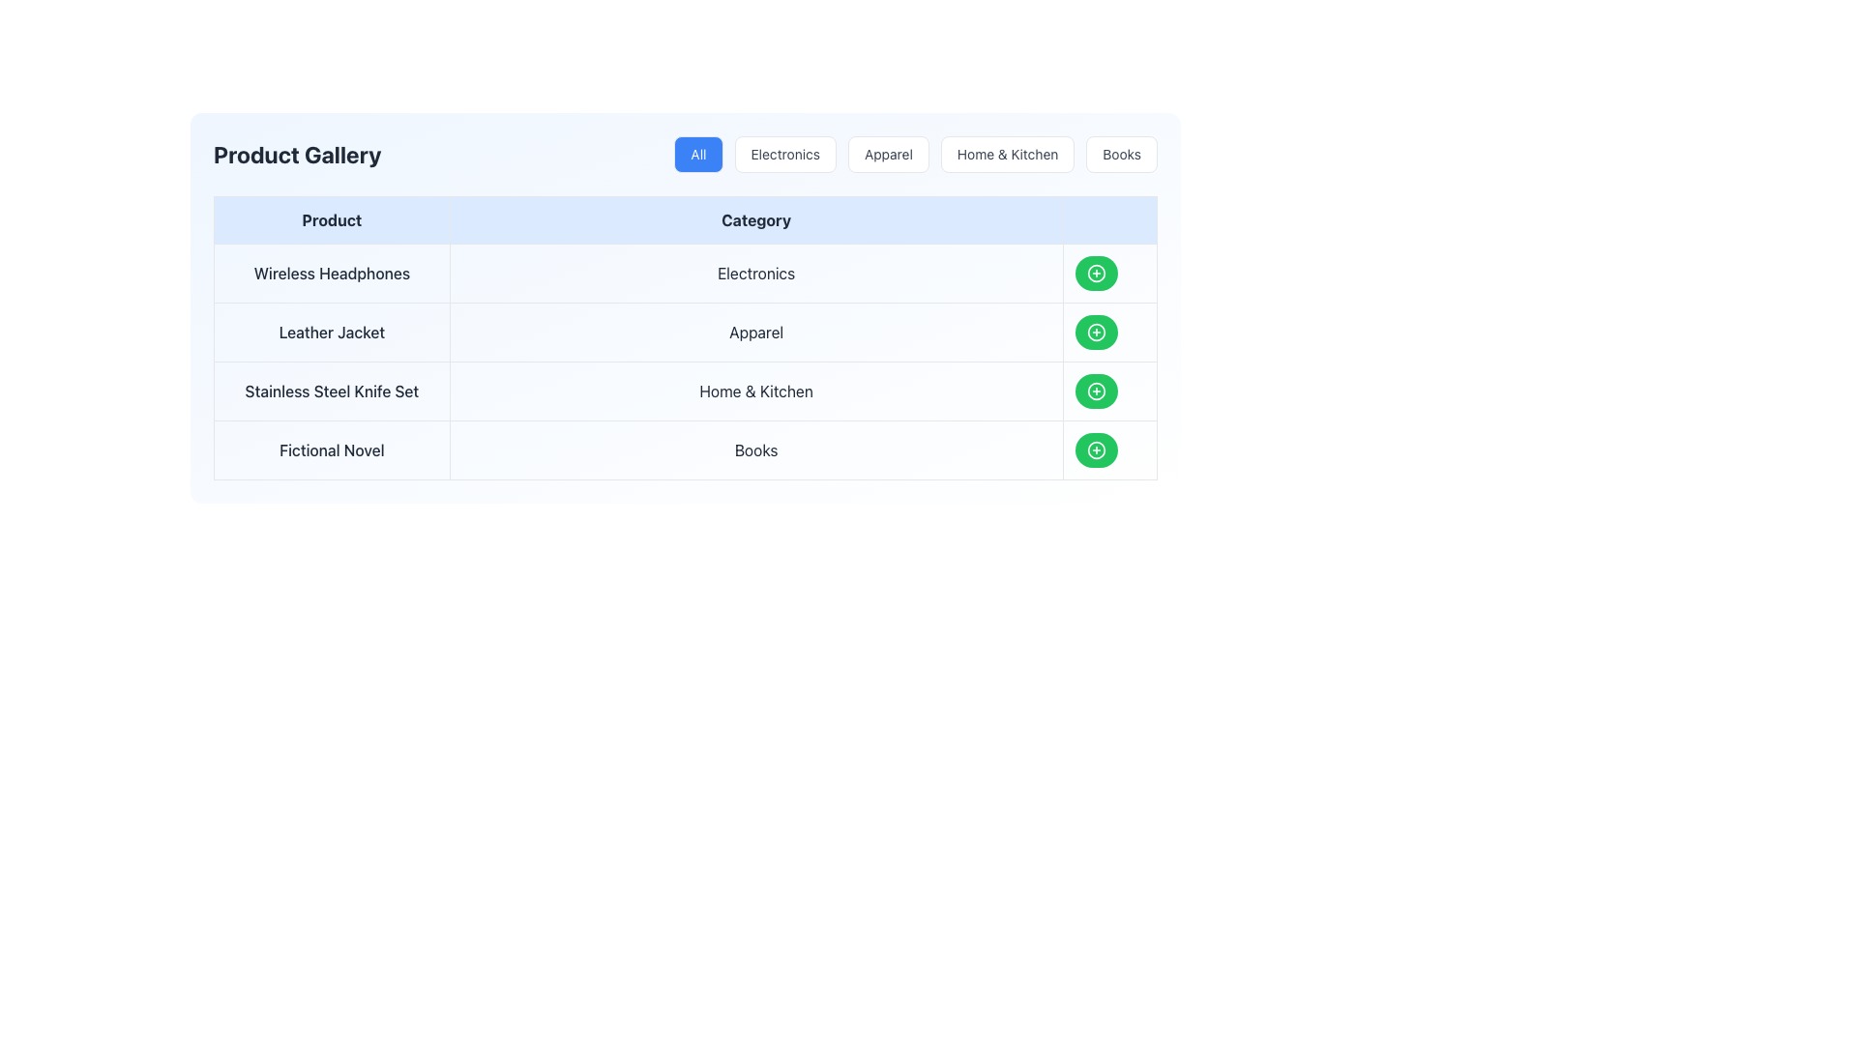 This screenshot has height=1044, width=1857. I want to click on the button in the last row of the table under the 'Books' category, so click(1096, 450).